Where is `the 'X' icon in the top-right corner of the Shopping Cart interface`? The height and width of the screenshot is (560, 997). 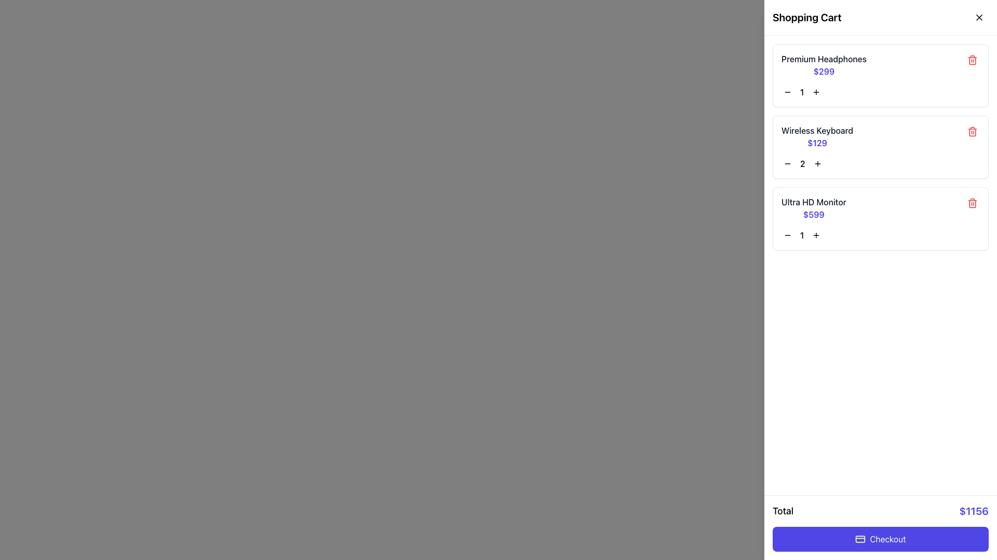 the 'X' icon in the top-right corner of the Shopping Cart interface is located at coordinates (979, 18).